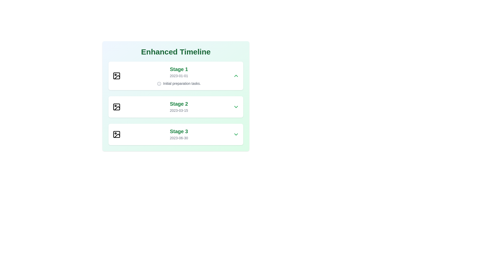 This screenshot has height=275, width=489. What do you see at coordinates (176, 52) in the screenshot?
I see `text from the centered textual component displaying 'Enhanced Timeline' in bold, large green font located at the top of the timeline interface` at bounding box center [176, 52].